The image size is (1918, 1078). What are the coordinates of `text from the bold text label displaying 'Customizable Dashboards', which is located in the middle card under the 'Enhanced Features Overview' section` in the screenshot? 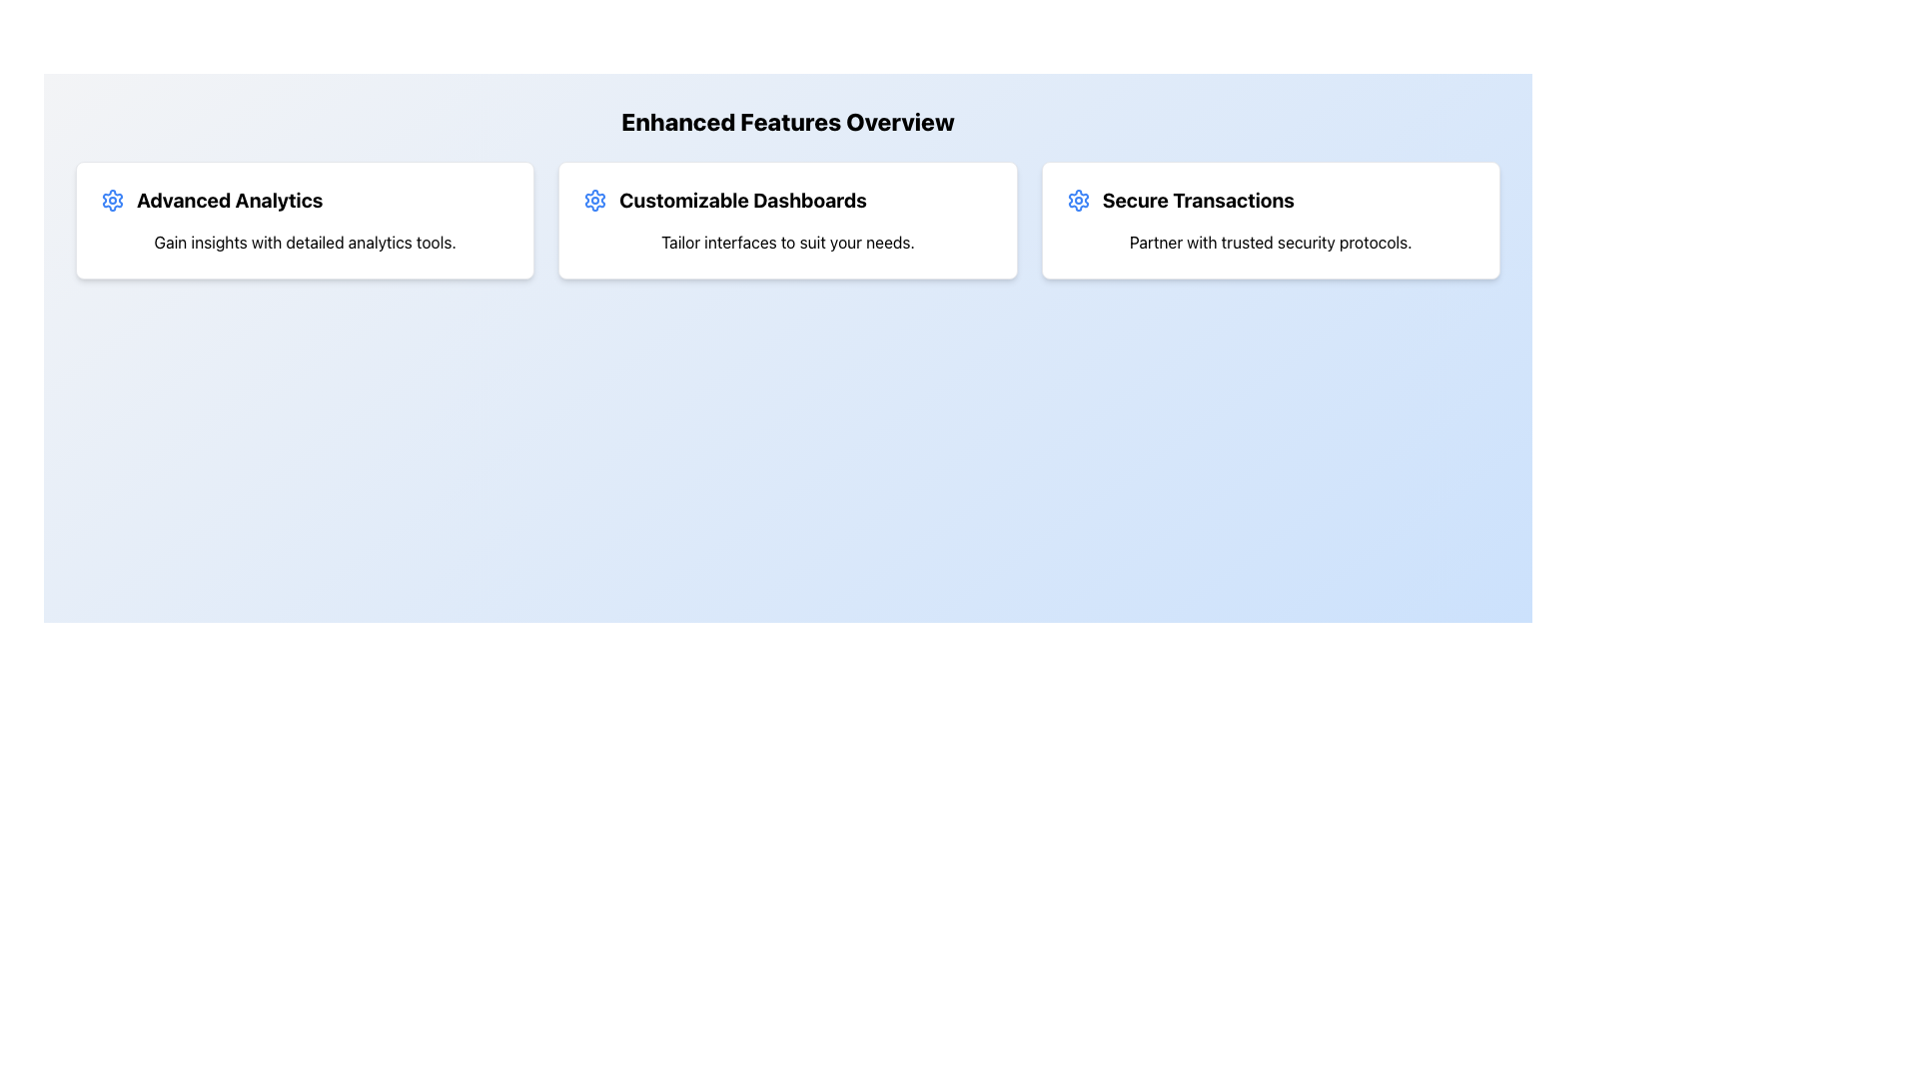 It's located at (742, 200).